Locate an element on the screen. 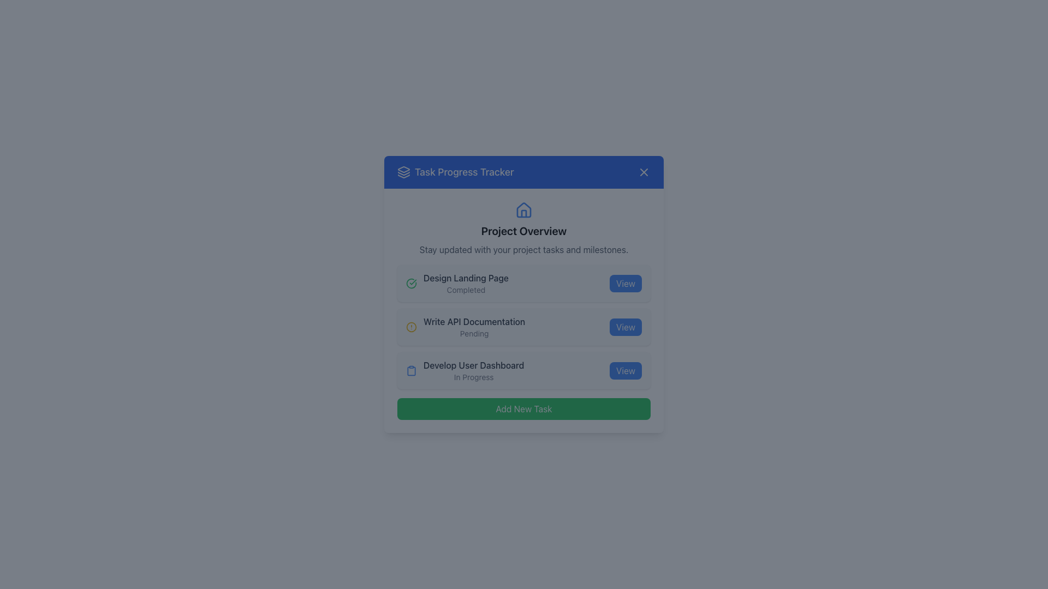 This screenshot has height=589, width=1048. the 'Task Progress Tracker' text label, which is styled with a large font size and medium weight, located in the blue header of the card, positioned between an icon resembling layered shapes and a close button is located at coordinates (464, 172).